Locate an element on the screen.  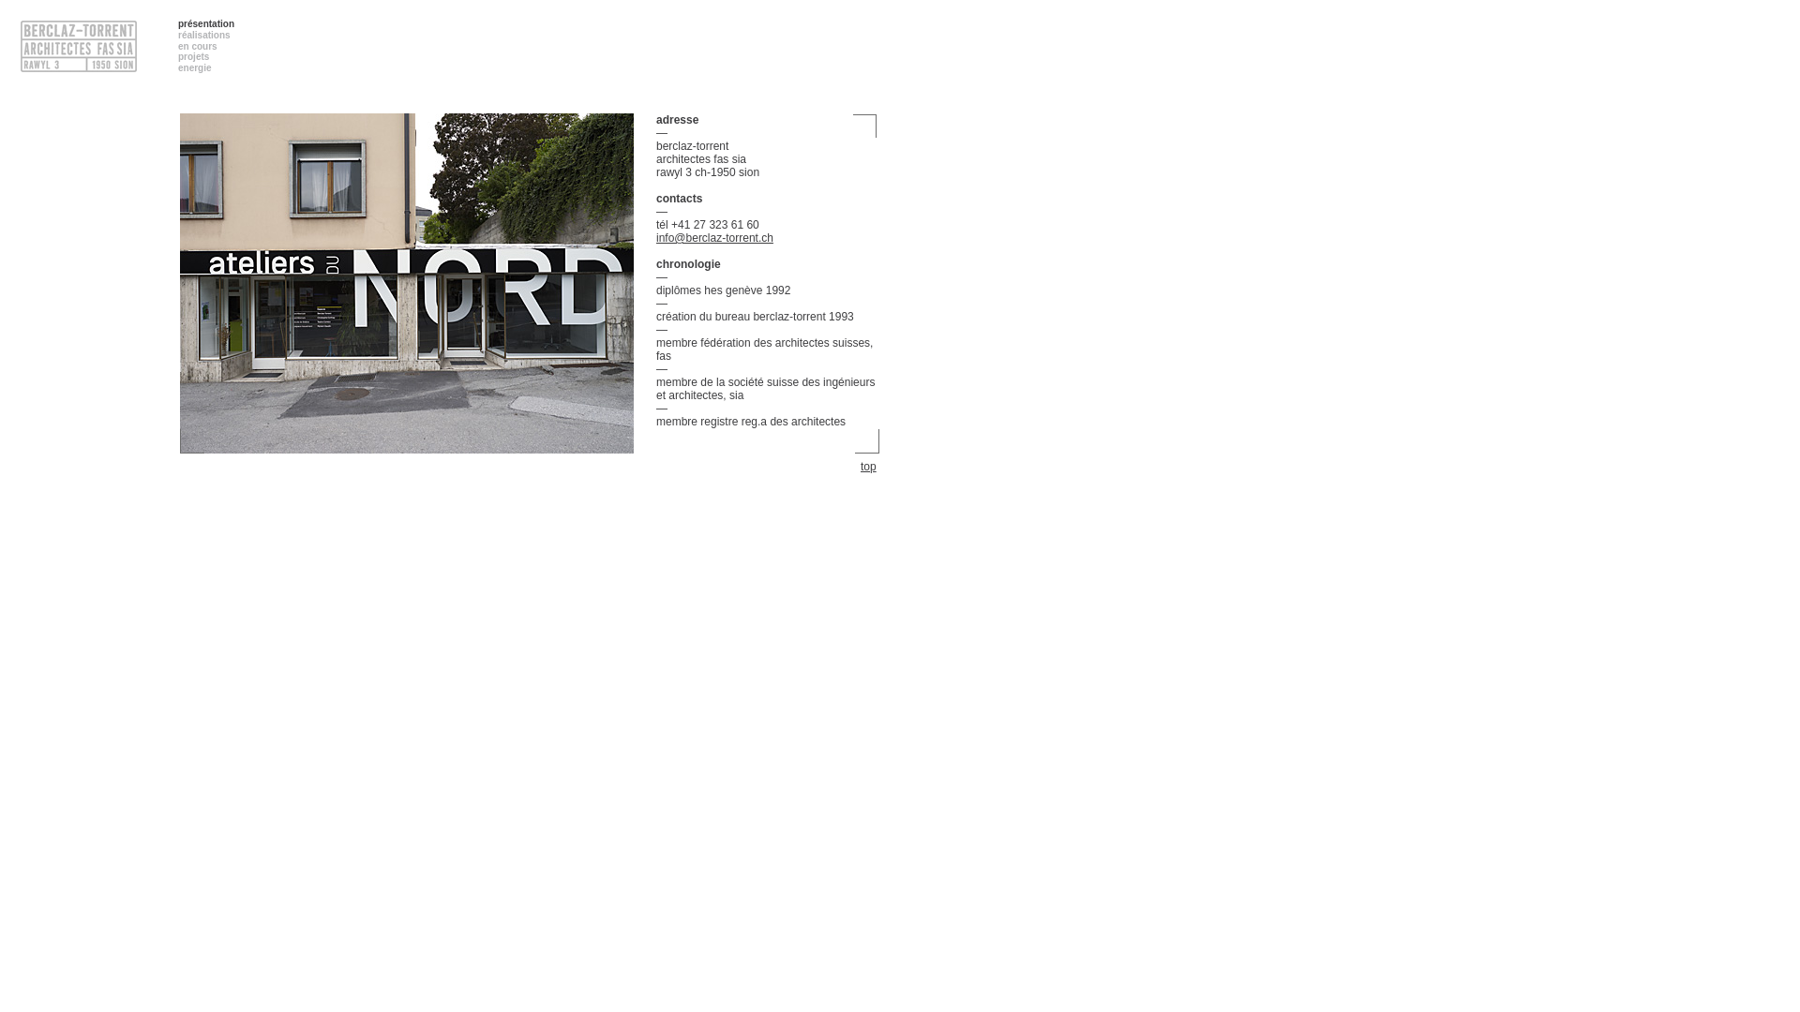
'projets' is located at coordinates (178, 55).